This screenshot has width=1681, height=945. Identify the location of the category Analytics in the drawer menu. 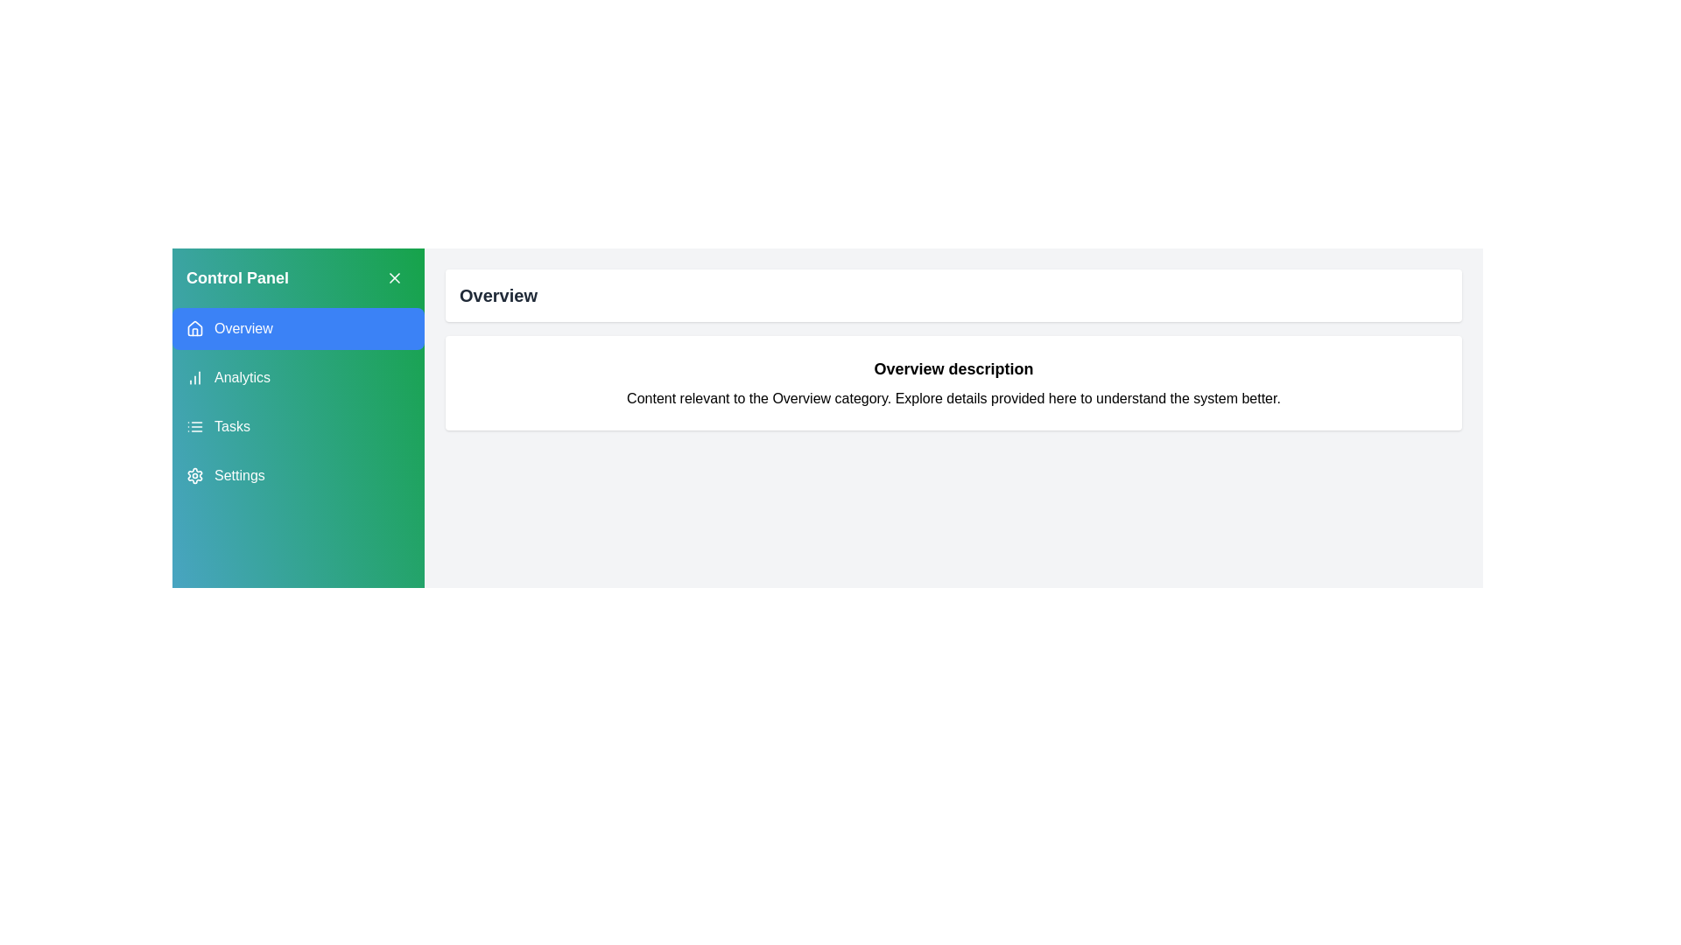
(298, 377).